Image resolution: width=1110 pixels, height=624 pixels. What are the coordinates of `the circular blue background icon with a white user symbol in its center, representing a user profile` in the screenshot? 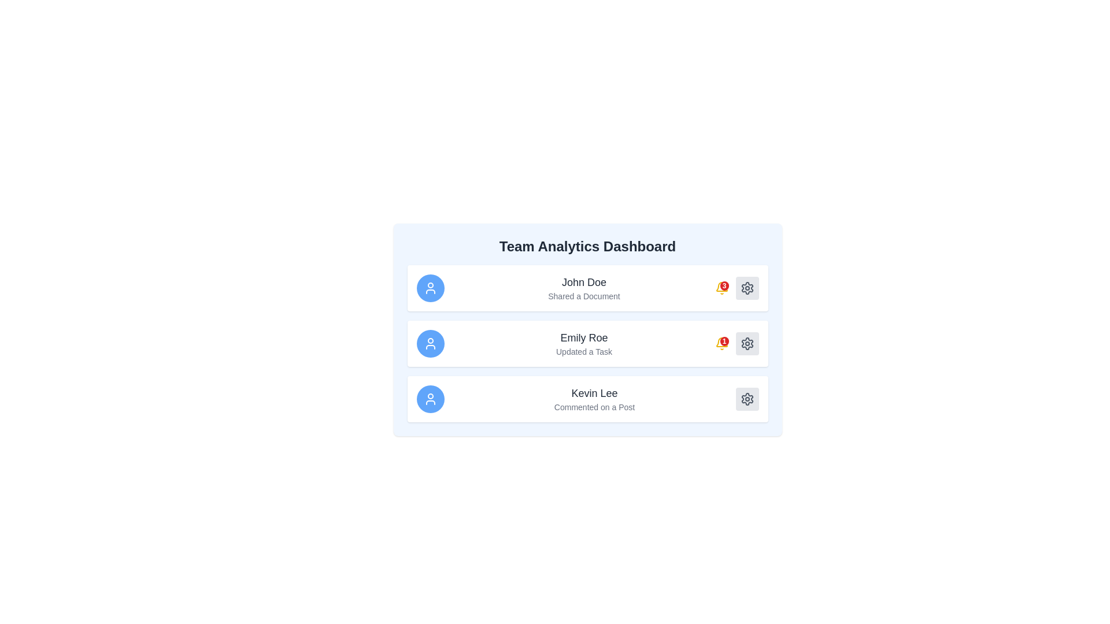 It's located at (430, 287).